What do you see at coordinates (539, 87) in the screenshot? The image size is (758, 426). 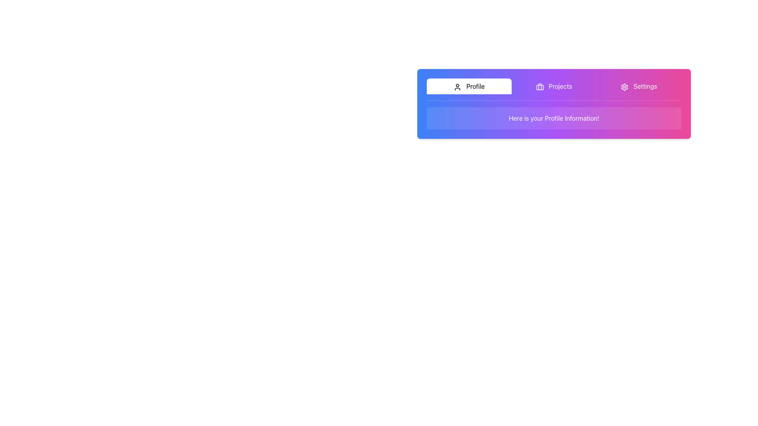 I see `the graphical component within the briefcase-shaped icon located in the navigation bar at the top of the interface` at bounding box center [539, 87].